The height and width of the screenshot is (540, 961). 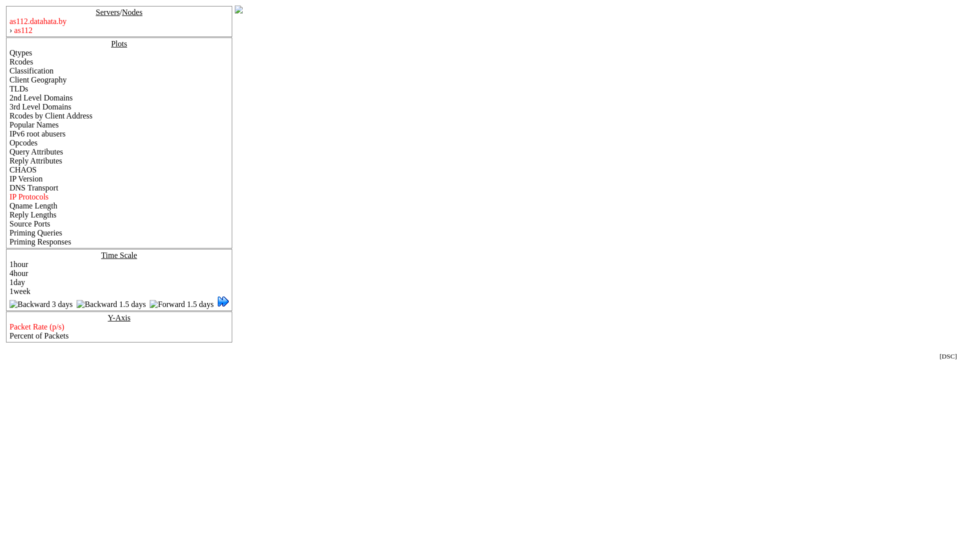 What do you see at coordinates (38, 79) in the screenshot?
I see `'Client Geography'` at bounding box center [38, 79].